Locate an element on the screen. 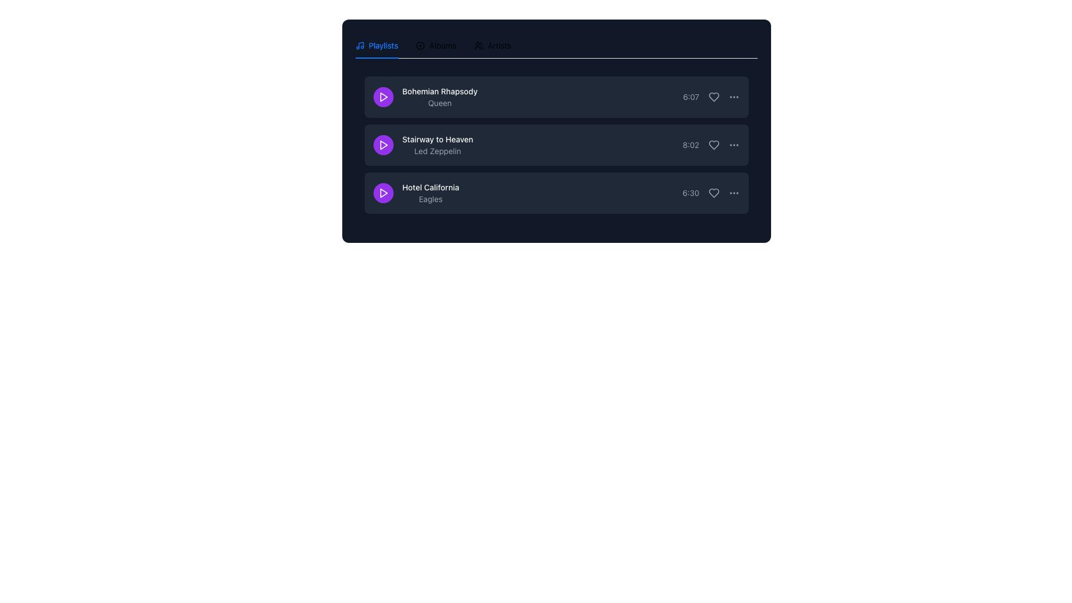 This screenshot has height=603, width=1072. the triangular play icon, which is located within a purple circular background and is positioned to the left of the 'Bohemian Rhapsody' playlist item is located at coordinates (383, 96).